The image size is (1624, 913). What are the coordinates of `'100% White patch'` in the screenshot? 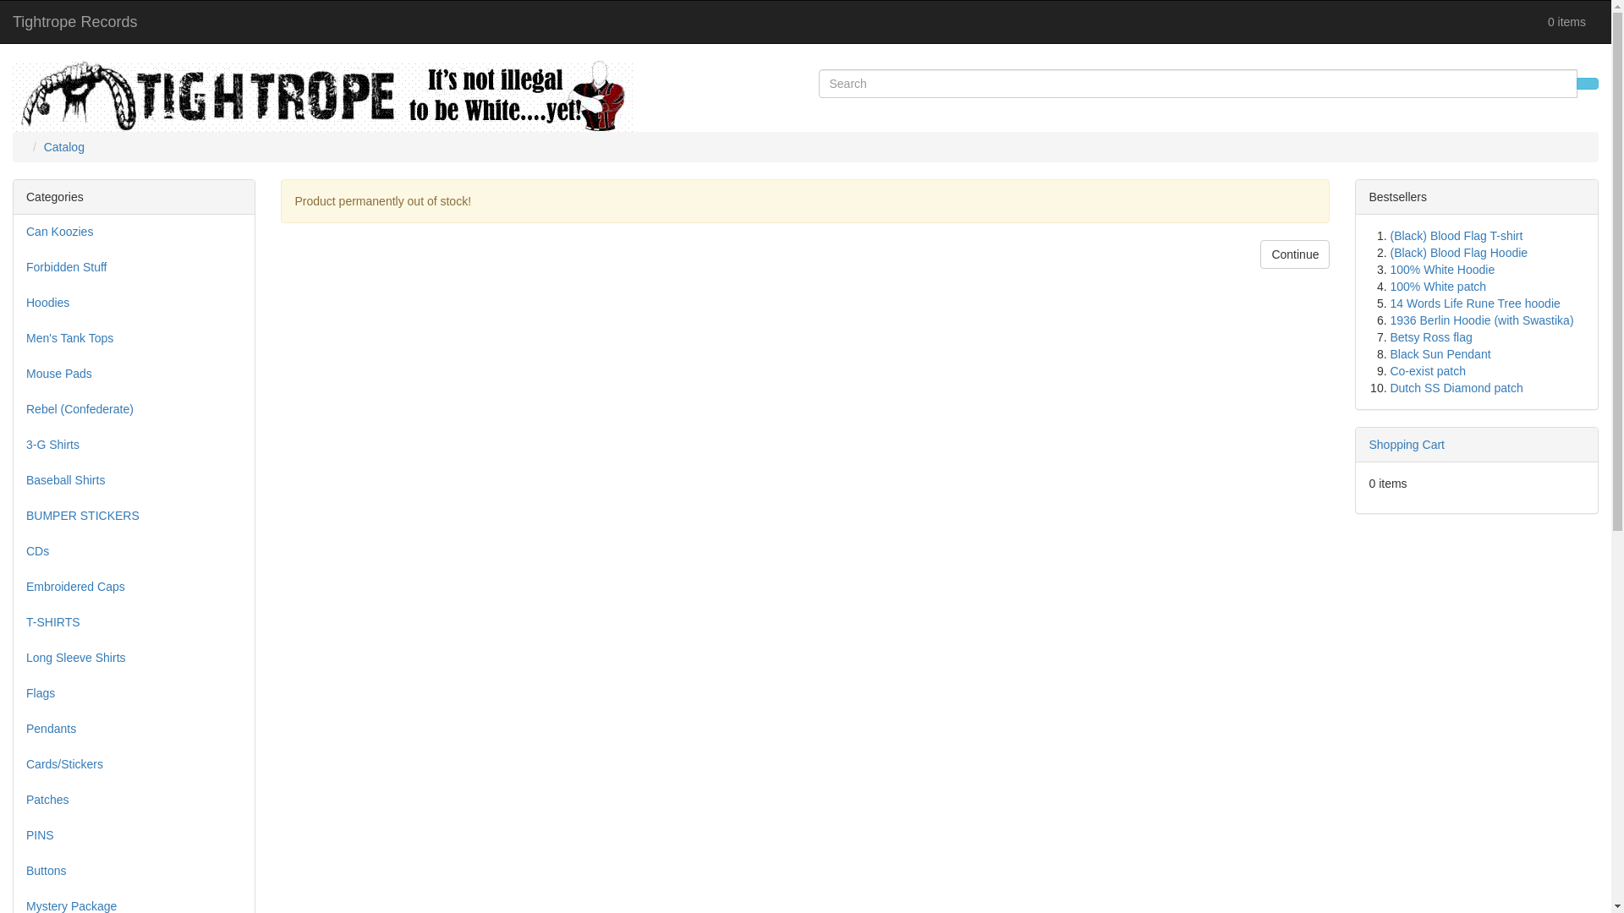 It's located at (1436, 286).